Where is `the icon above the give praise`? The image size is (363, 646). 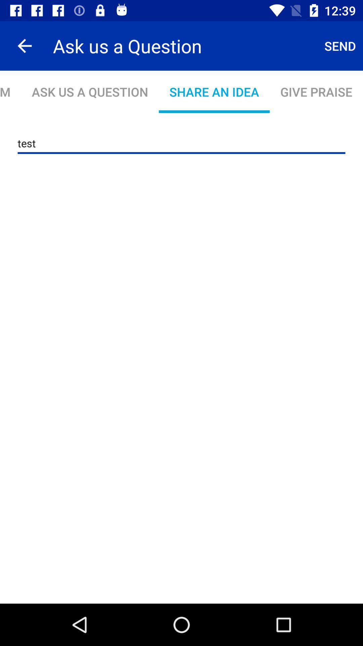 the icon above the give praise is located at coordinates (340, 45).